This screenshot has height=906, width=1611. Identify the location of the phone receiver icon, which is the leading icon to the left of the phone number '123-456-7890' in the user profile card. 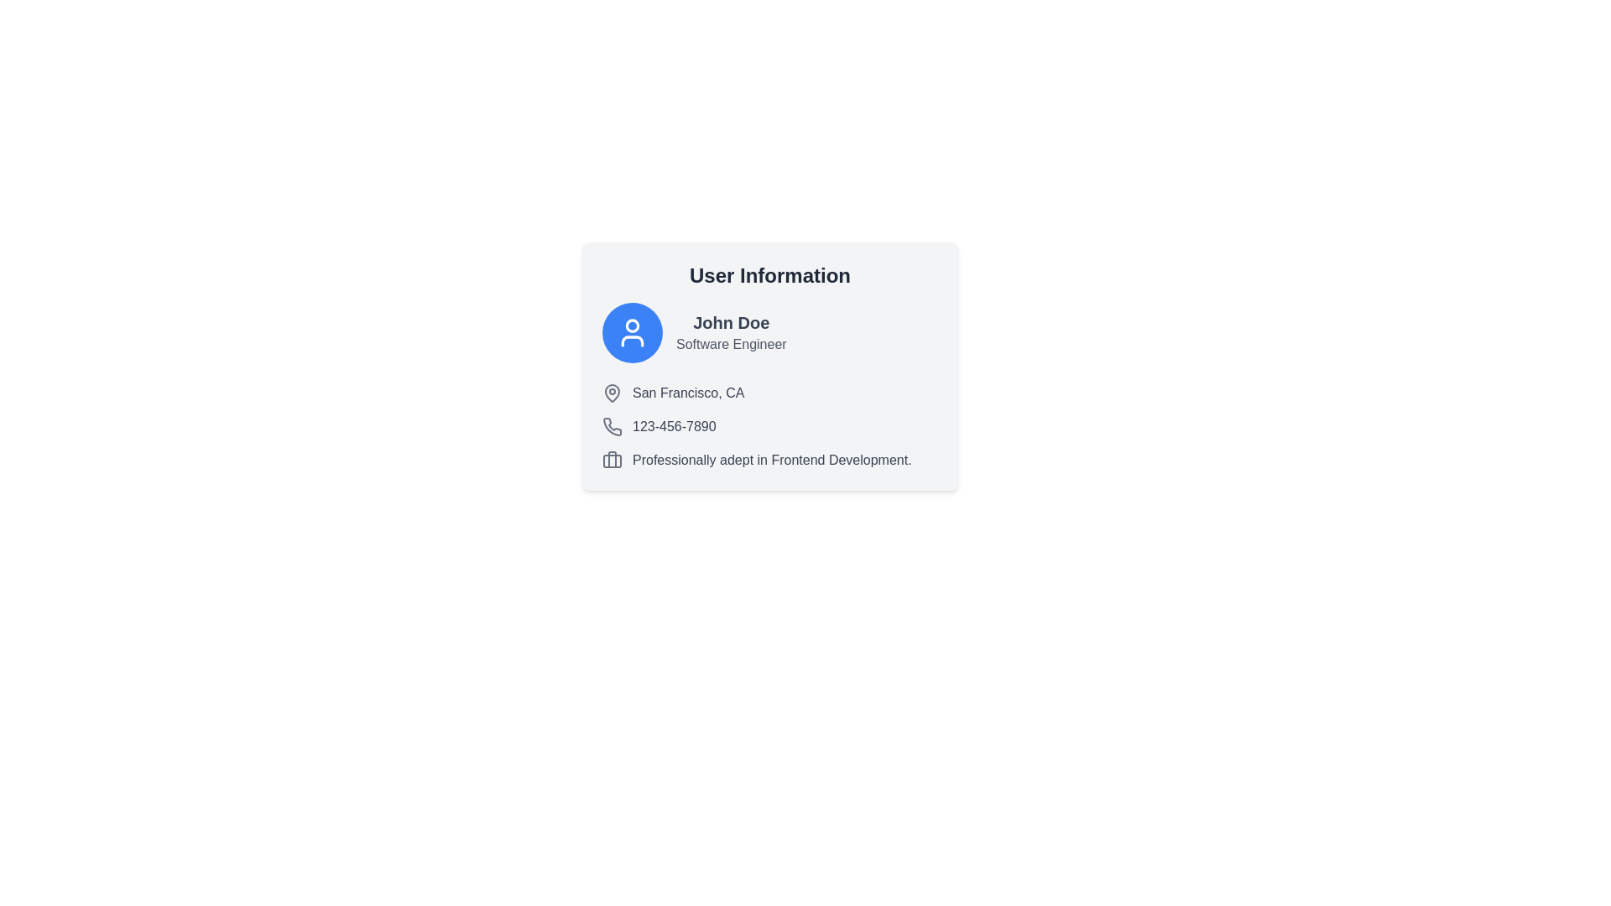
(611, 426).